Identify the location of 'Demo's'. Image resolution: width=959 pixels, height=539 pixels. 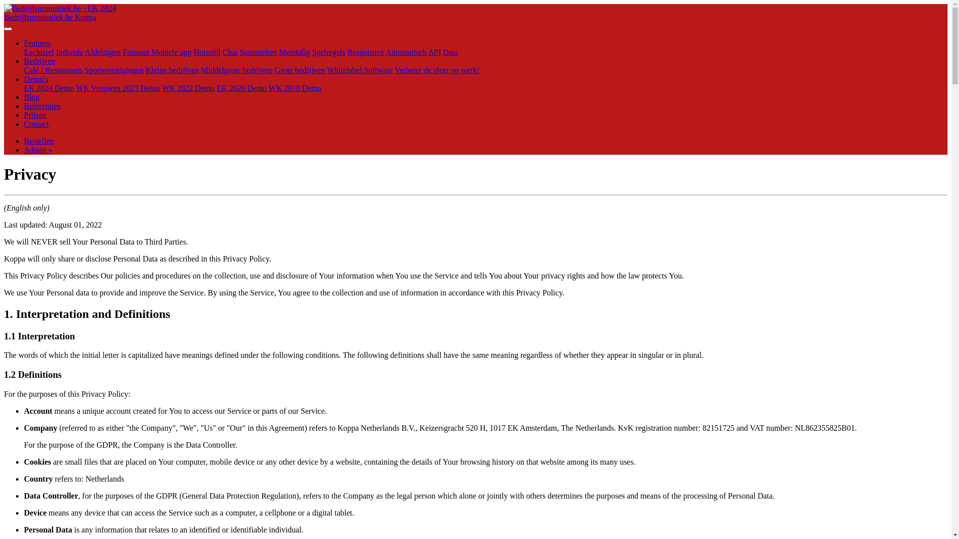
(36, 78).